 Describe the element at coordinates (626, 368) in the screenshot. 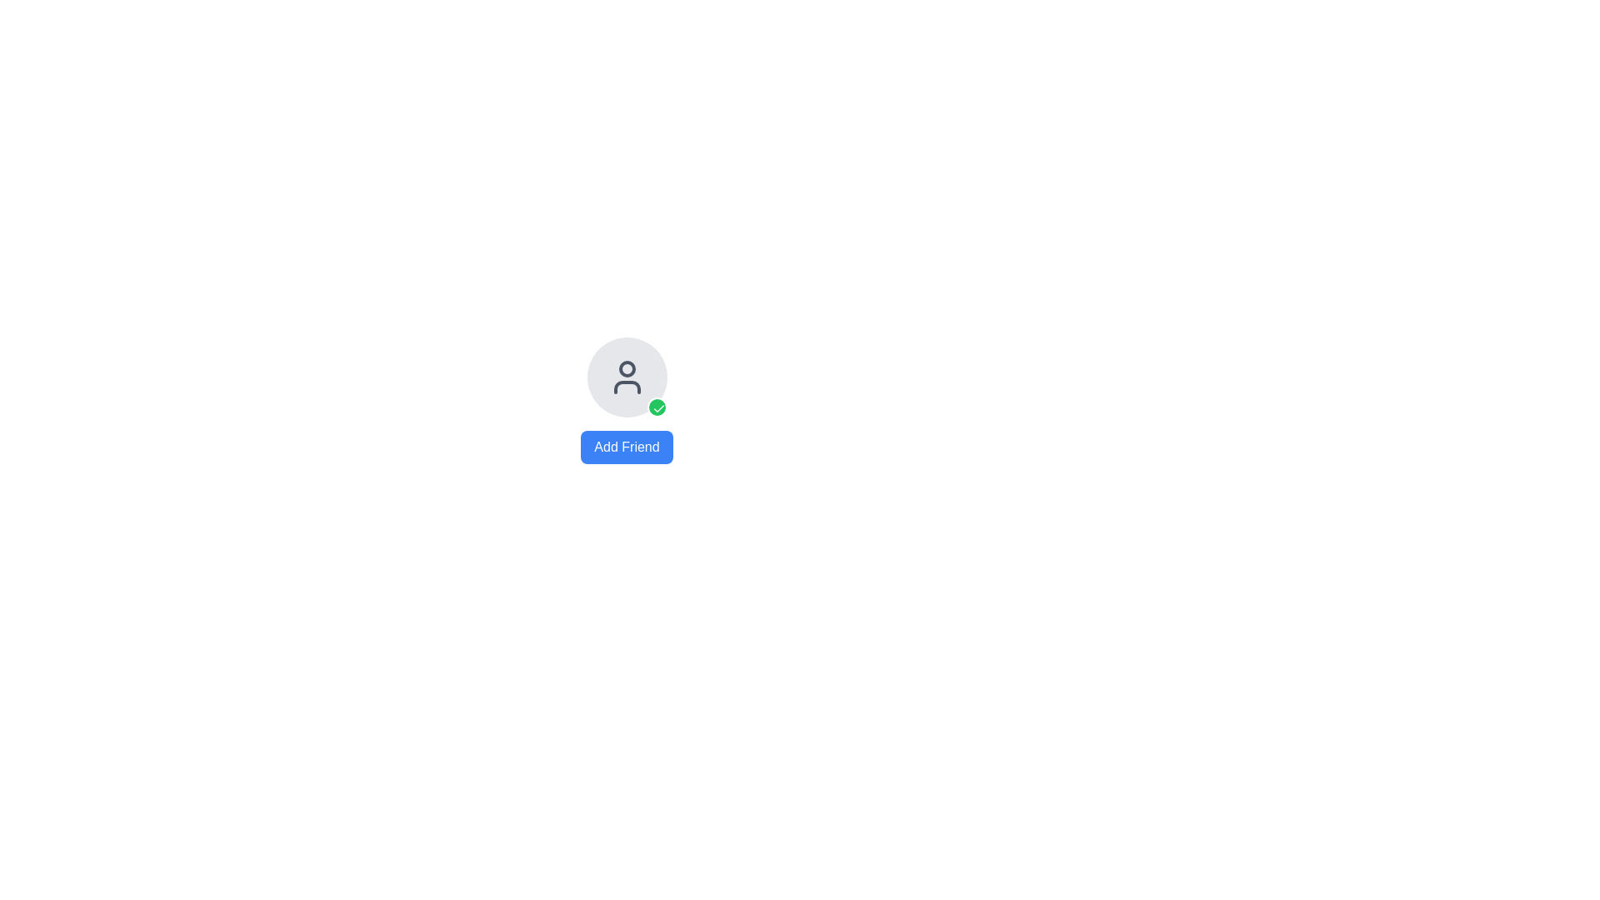

I see `the small circle located near the upper-central region of the user profile icon, which is situated slightly above the curved line representing the shoulders` at that location.